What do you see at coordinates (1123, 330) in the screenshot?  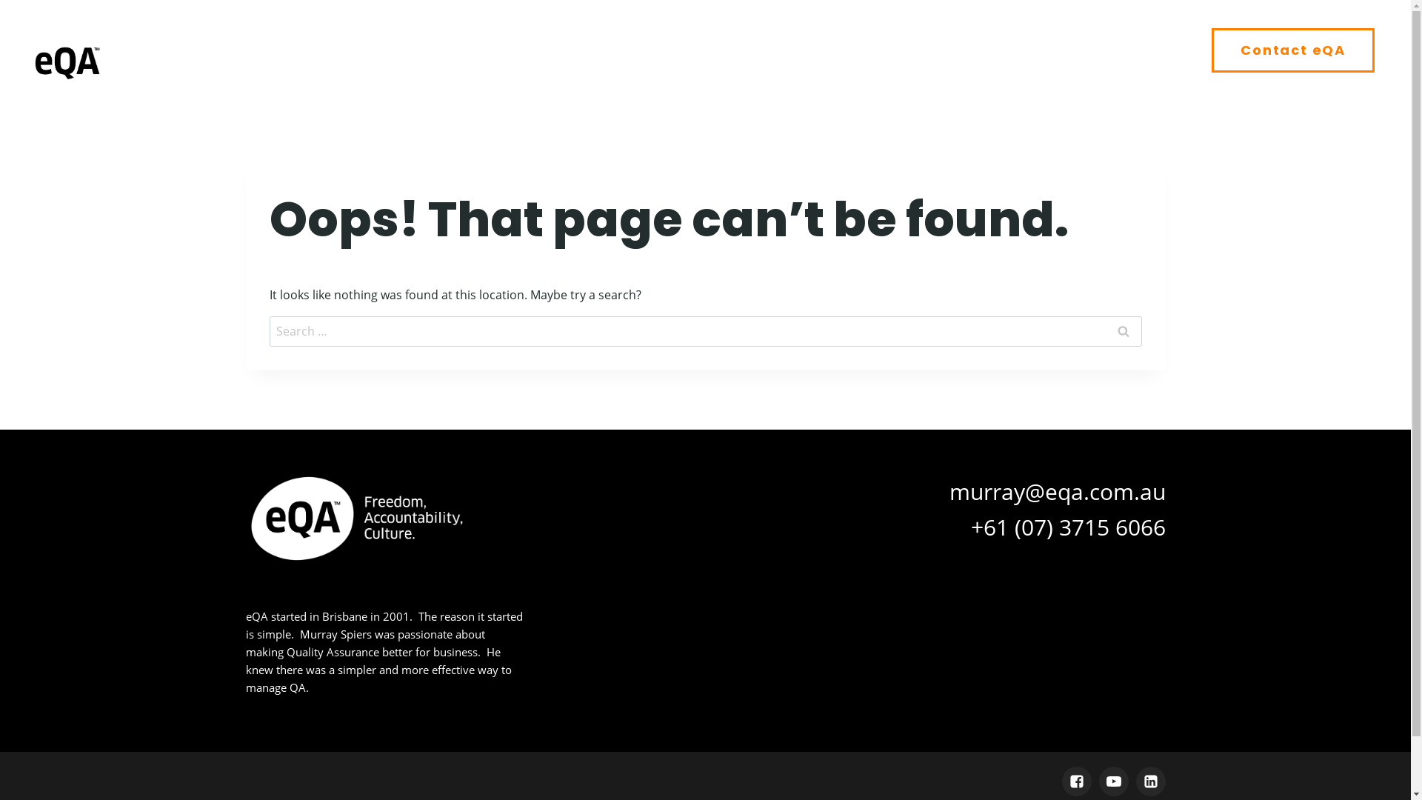 I see `'Search'` at bounding box center [1123, 330].